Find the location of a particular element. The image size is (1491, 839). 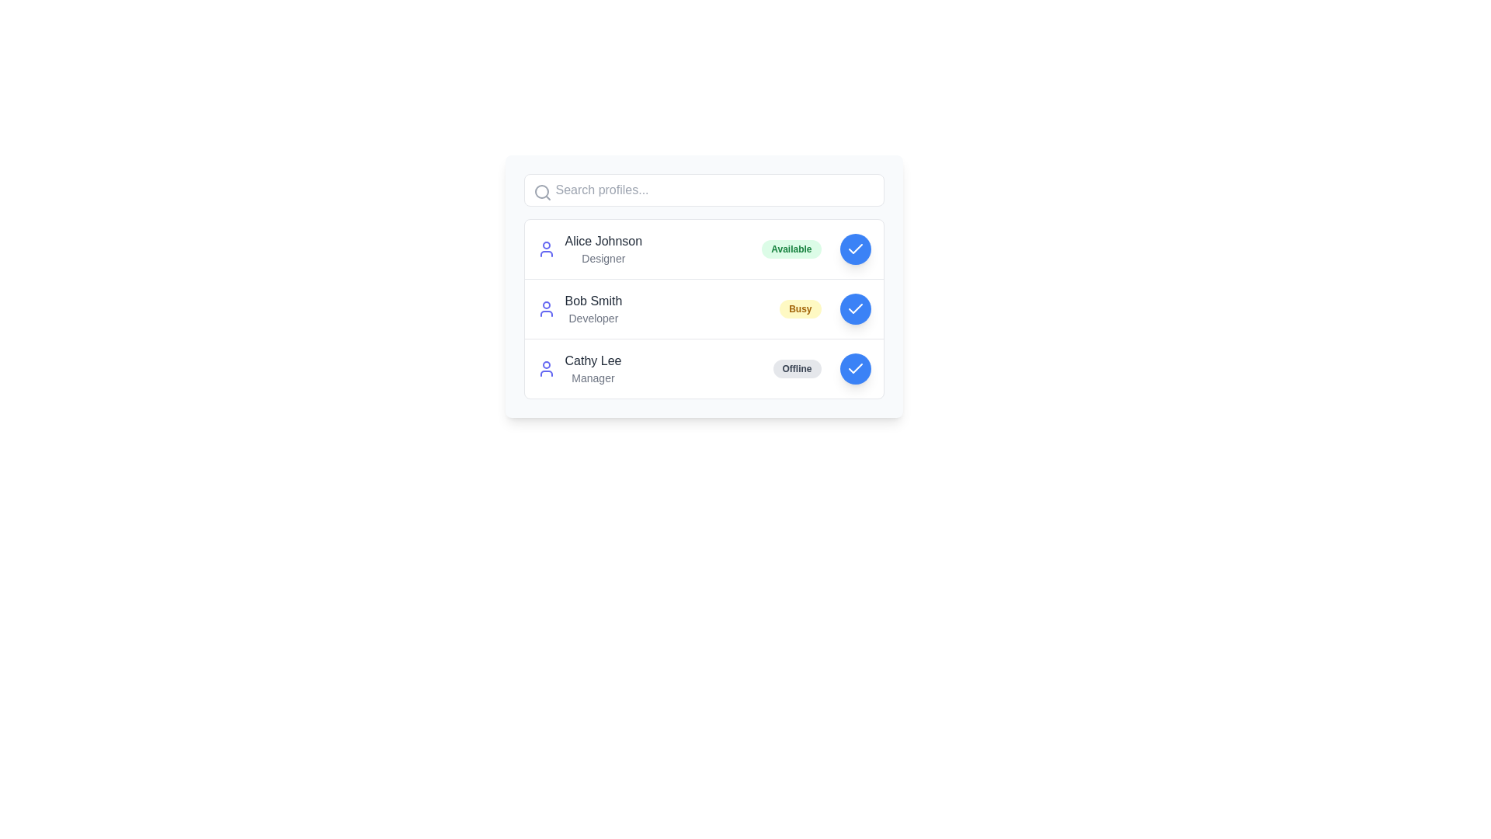

the first card entry in the list is located at coordinates (703, 248).